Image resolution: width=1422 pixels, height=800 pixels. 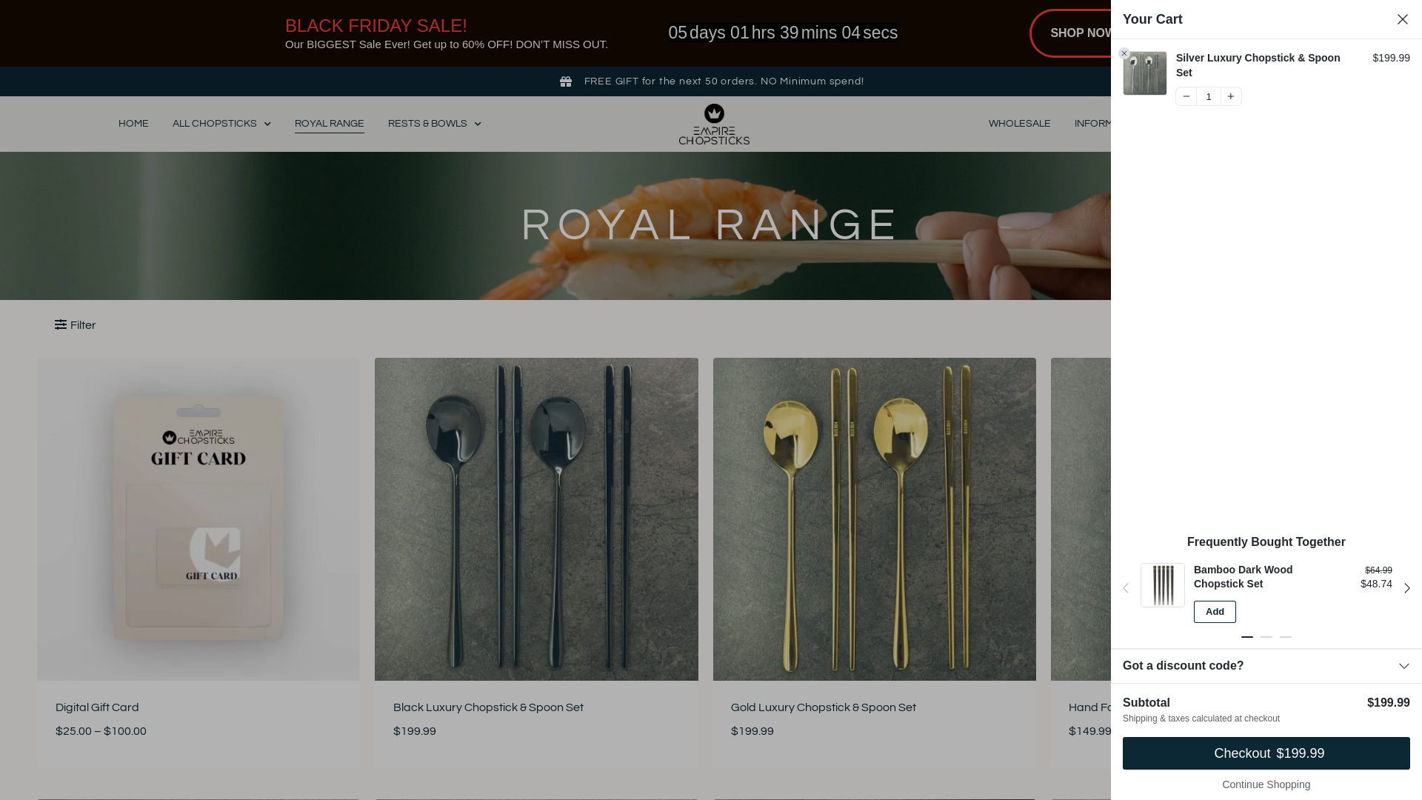 What do you see at coordinates (329, 123) in the screenshot?
I see `'ROYAL RANGE'` at bounding box center [329, 123].